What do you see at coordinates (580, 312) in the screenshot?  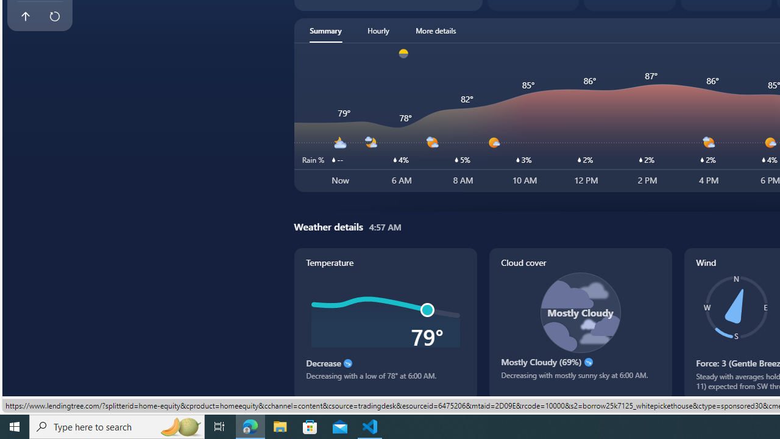 I see `'Class: cloudCoverSvg-DS-ps0R9q'` at bounding box center [580, 312].